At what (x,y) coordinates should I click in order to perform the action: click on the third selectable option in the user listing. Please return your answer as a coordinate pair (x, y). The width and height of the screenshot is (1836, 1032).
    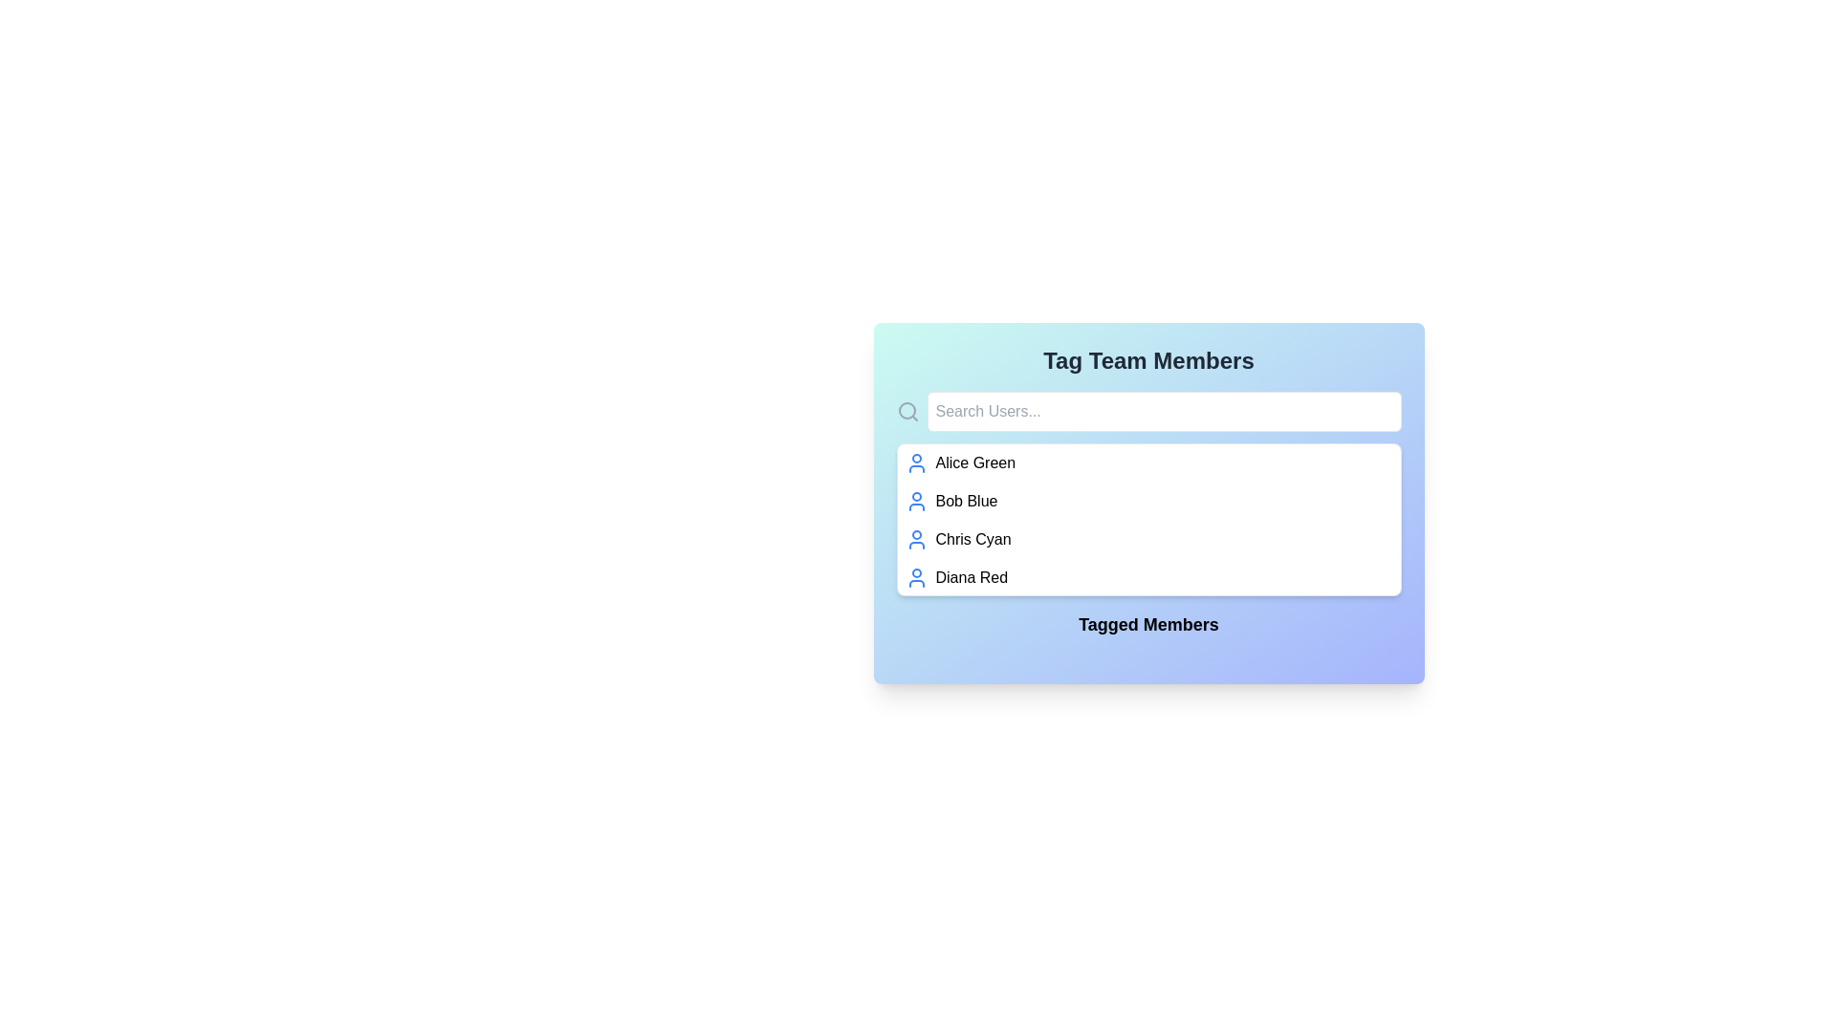
    Looking at the image, I should click on (1147, 539).